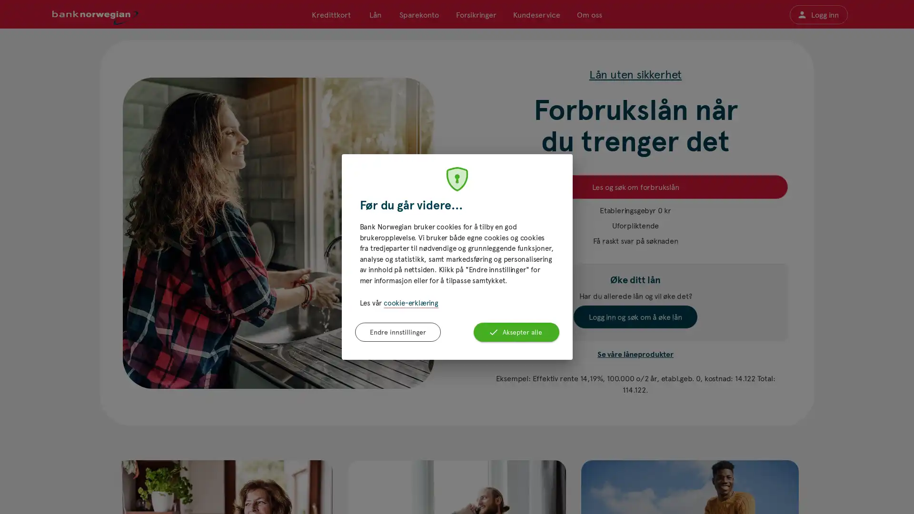  Describe the element at coordinates (331, 14) in the screenshot. I see `Kredittkort` at that location.